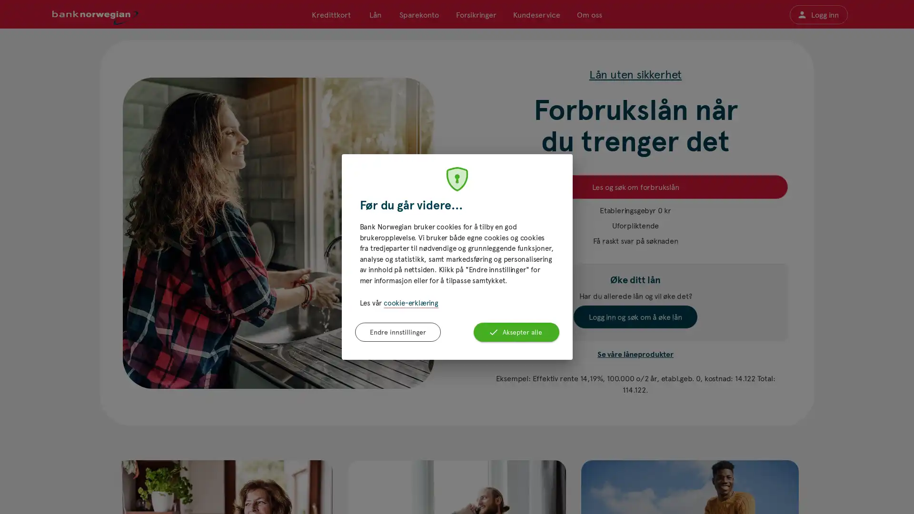  Describe the element at coordinates (331, 14) in the screenshot. I see `Kredittkort` at that location.